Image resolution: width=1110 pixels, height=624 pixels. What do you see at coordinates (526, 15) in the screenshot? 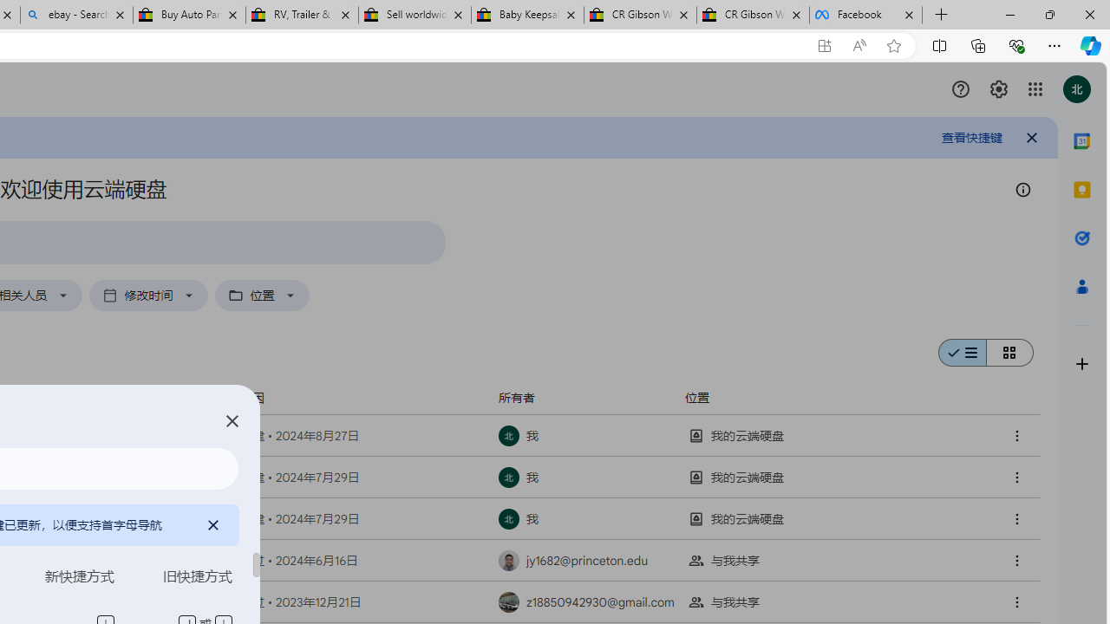
I see `'Baby Keepsakes & Announcements for sale | eBay'` at bounding box center [526, 15].